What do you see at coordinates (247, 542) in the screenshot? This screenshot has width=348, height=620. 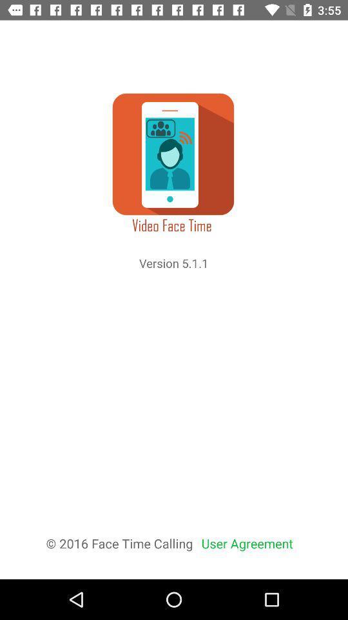 I see `the user agreement item` at bounding box center [247, 542].